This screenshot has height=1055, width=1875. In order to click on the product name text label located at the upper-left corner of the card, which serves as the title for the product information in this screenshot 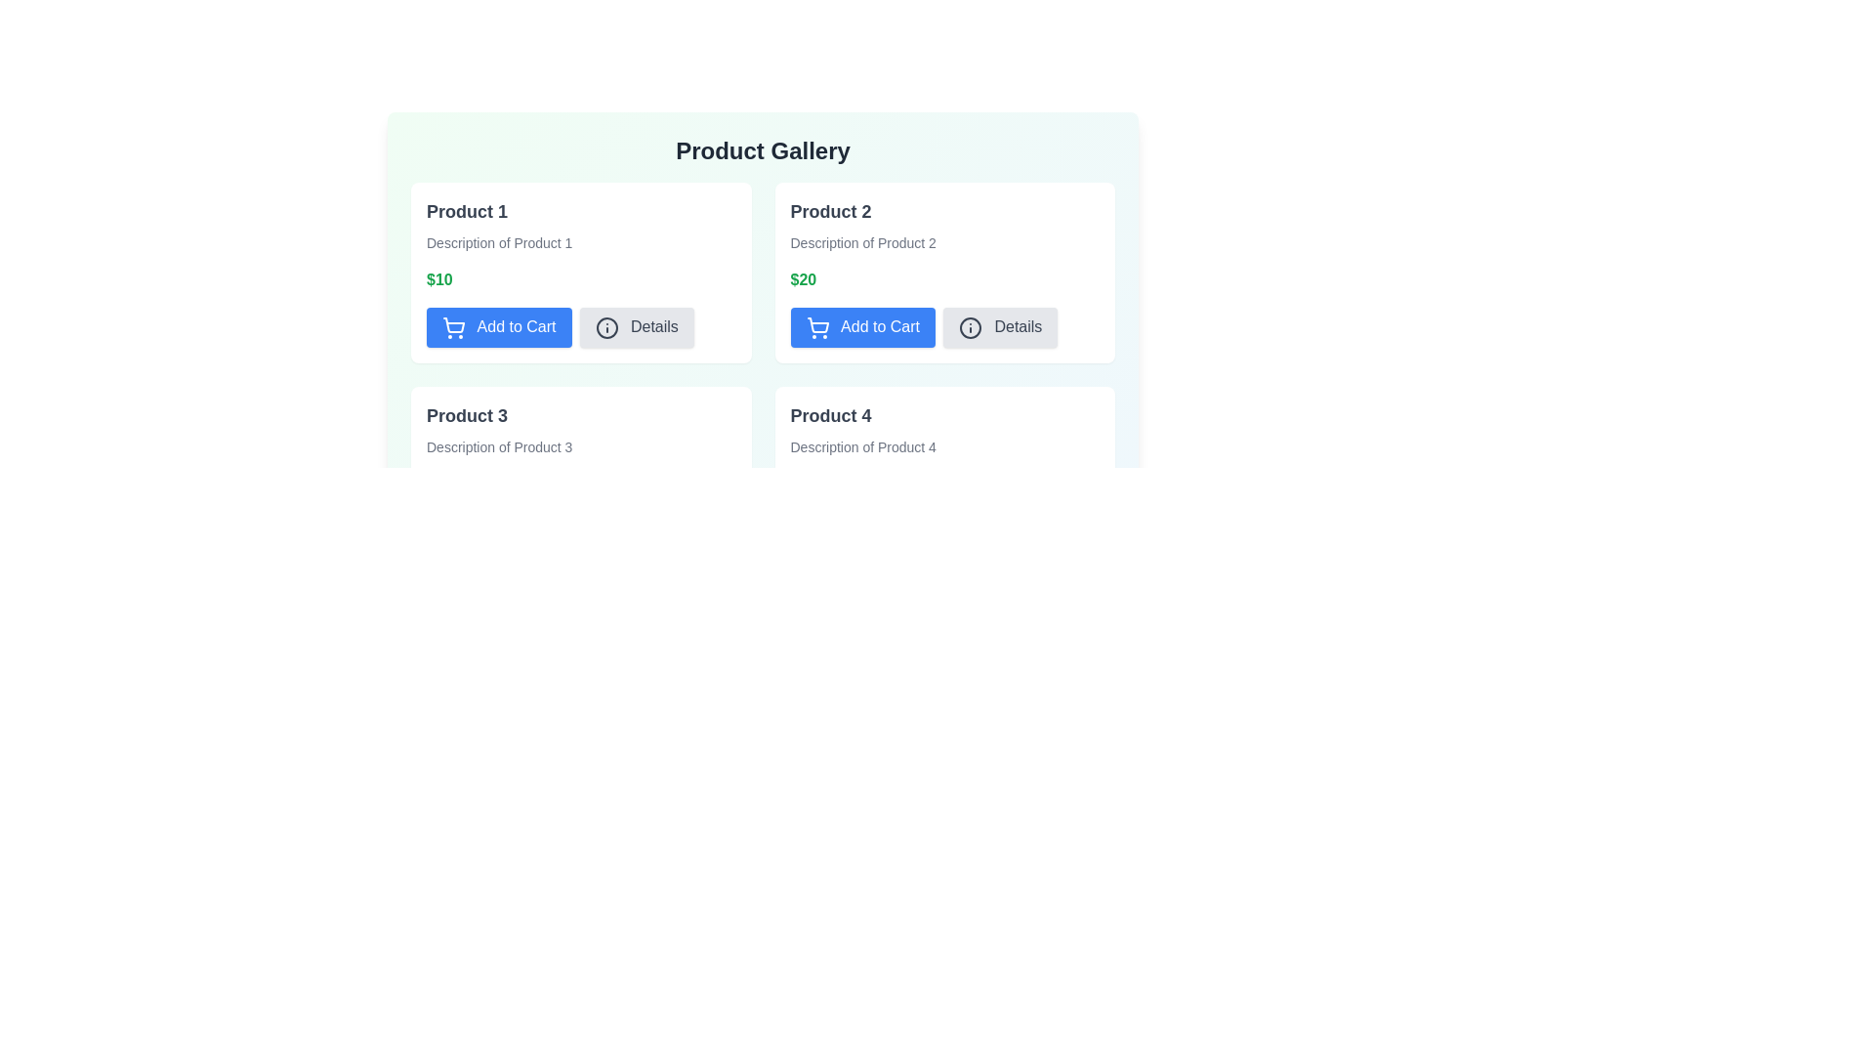, I will do `click(830, 414)`.